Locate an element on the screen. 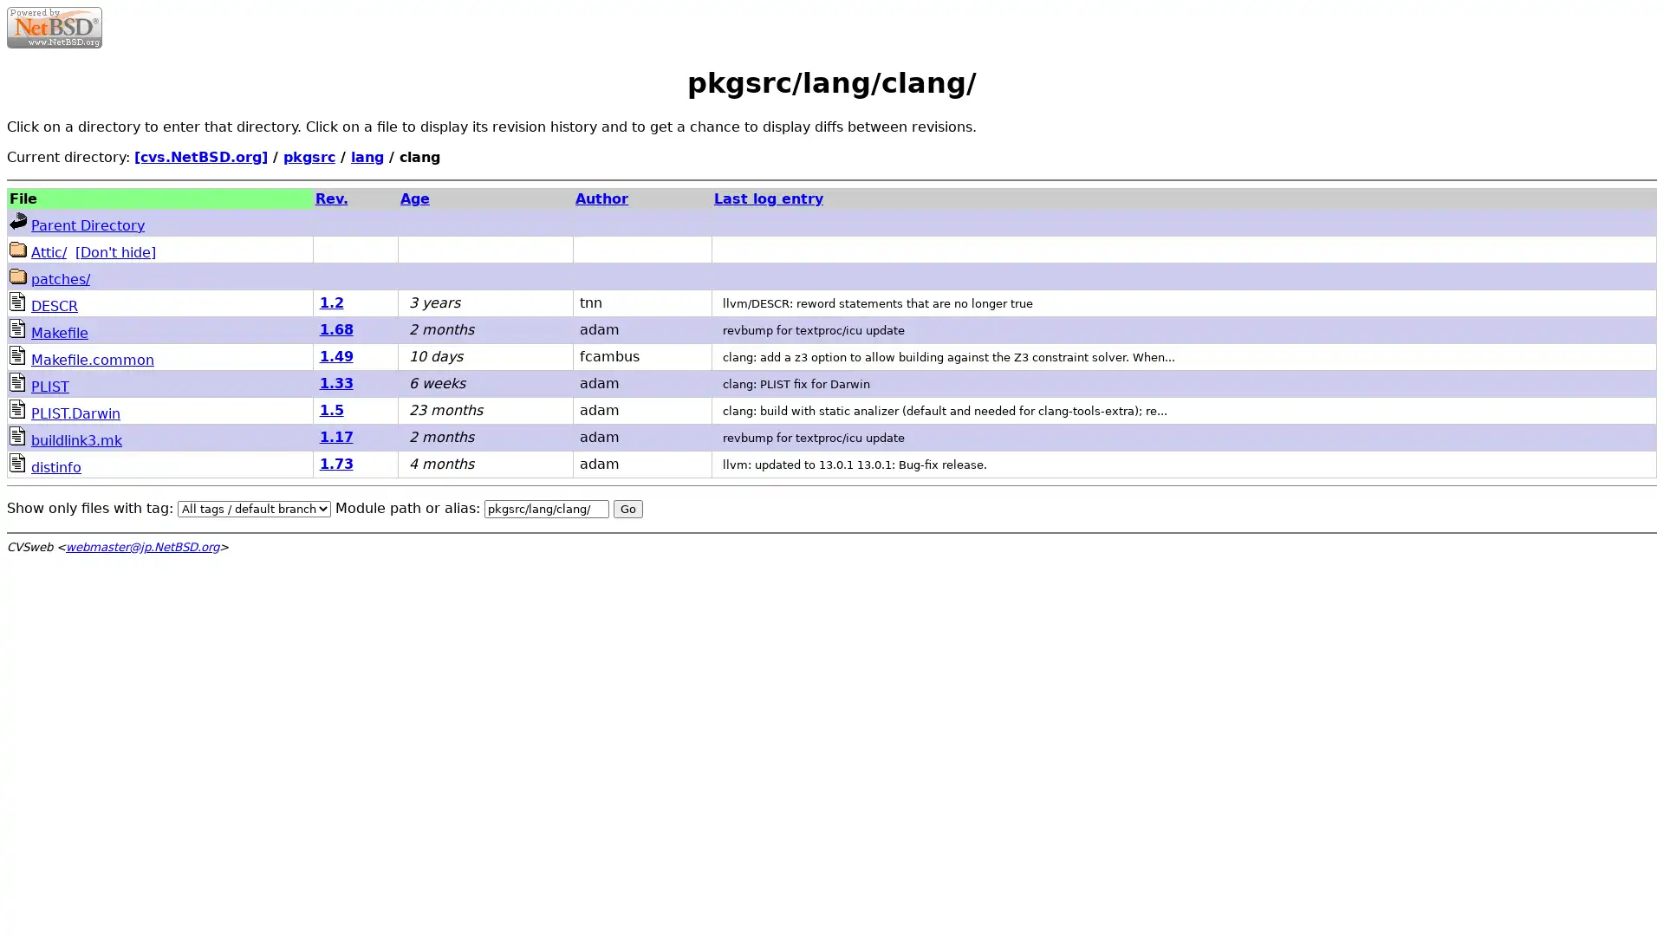 This screenshot has width=1664, height=936. Go is located at coordinates (627, 507).